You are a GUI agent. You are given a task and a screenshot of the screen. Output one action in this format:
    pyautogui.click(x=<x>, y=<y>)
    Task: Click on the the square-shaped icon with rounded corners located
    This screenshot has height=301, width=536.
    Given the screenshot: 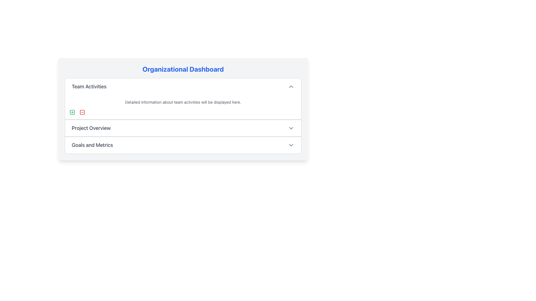 What is the action you would take?
    pyautogui.click(x=72, y=112)
    